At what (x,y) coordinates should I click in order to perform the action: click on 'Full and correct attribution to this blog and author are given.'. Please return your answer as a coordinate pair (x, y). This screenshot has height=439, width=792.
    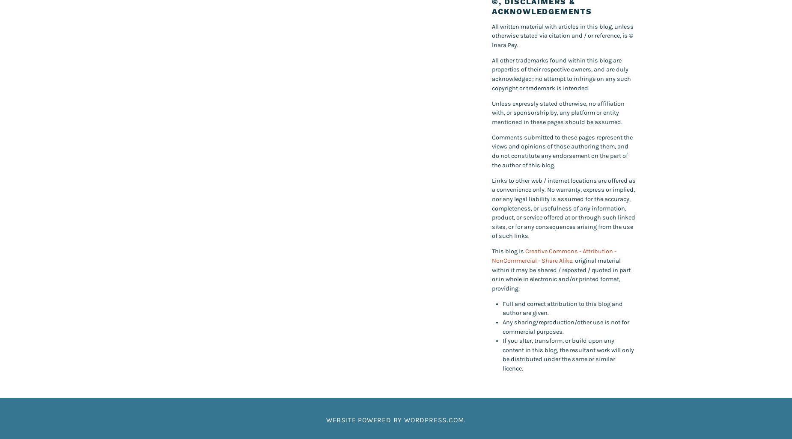
    Looking at the image, I should click on (562, 308).